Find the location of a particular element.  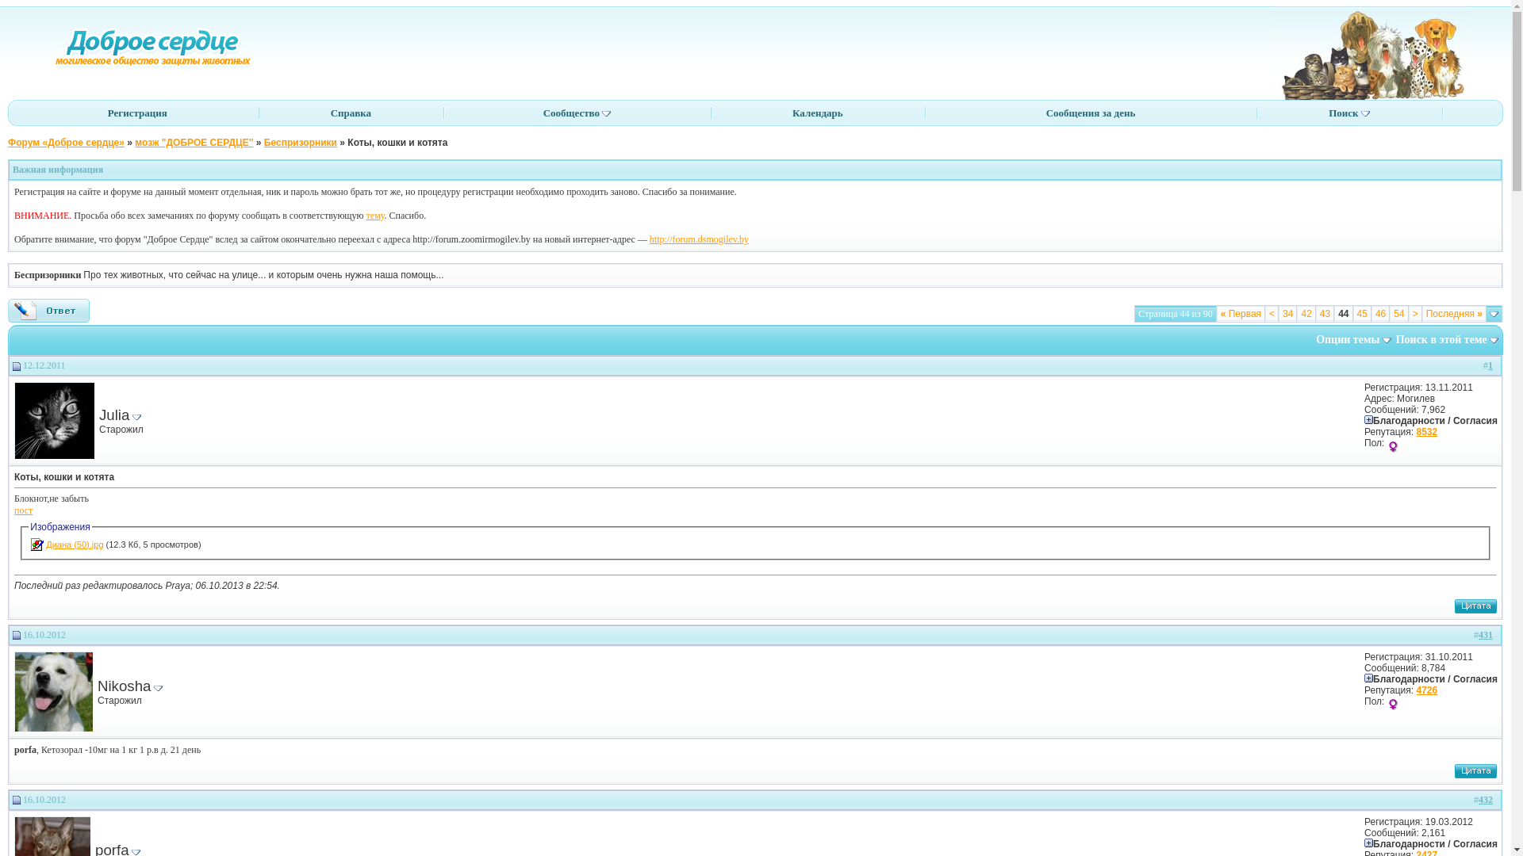

'43' is located at coordinates (1325, 314).